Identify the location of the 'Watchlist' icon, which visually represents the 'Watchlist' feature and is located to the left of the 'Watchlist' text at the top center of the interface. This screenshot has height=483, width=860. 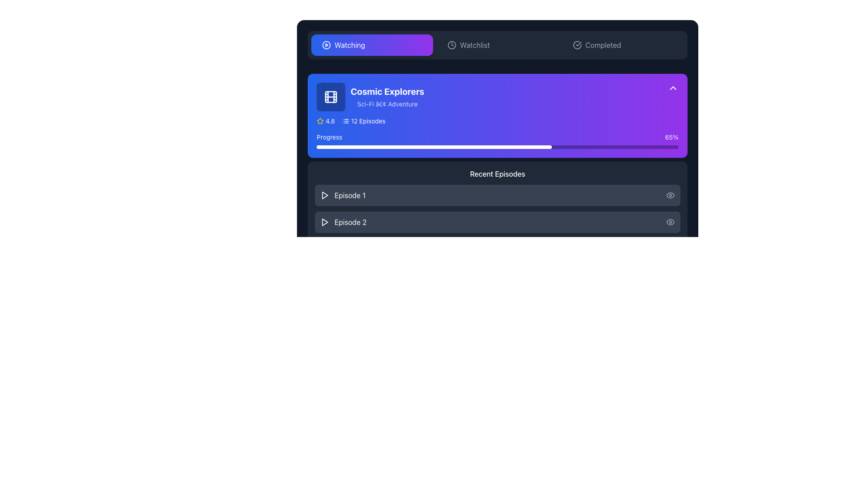
(451, 45).